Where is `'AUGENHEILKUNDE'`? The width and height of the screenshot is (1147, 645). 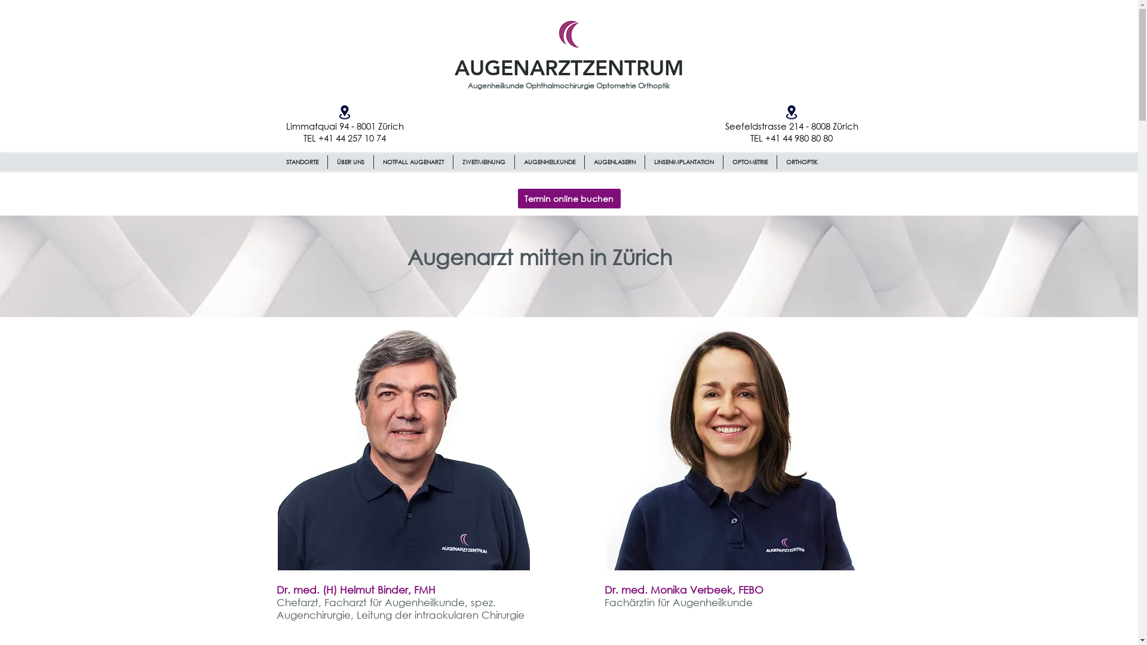 'AUGENHEILKUNDE' is located at coordinates (549, 162).